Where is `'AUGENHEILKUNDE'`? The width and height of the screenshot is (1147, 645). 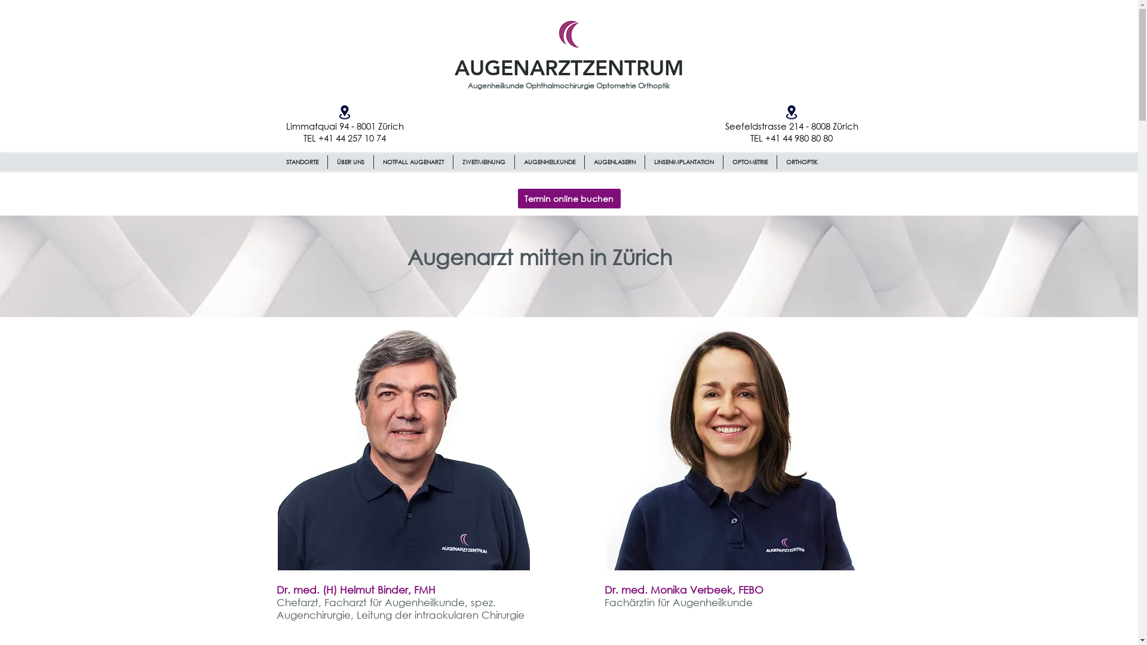 'AUGENHEILKUNDE' is located at coordinates (549, 162).